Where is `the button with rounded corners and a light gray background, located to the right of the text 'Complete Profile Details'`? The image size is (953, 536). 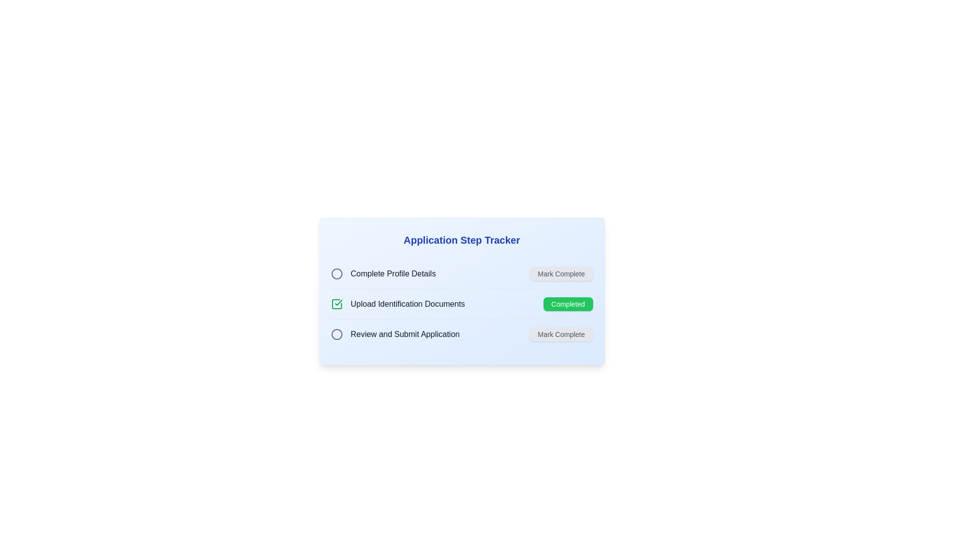 the button with rounded corners and a light gray background, located to the right of the text 'Complete Profile Details' is located at coordinates (561, 273).